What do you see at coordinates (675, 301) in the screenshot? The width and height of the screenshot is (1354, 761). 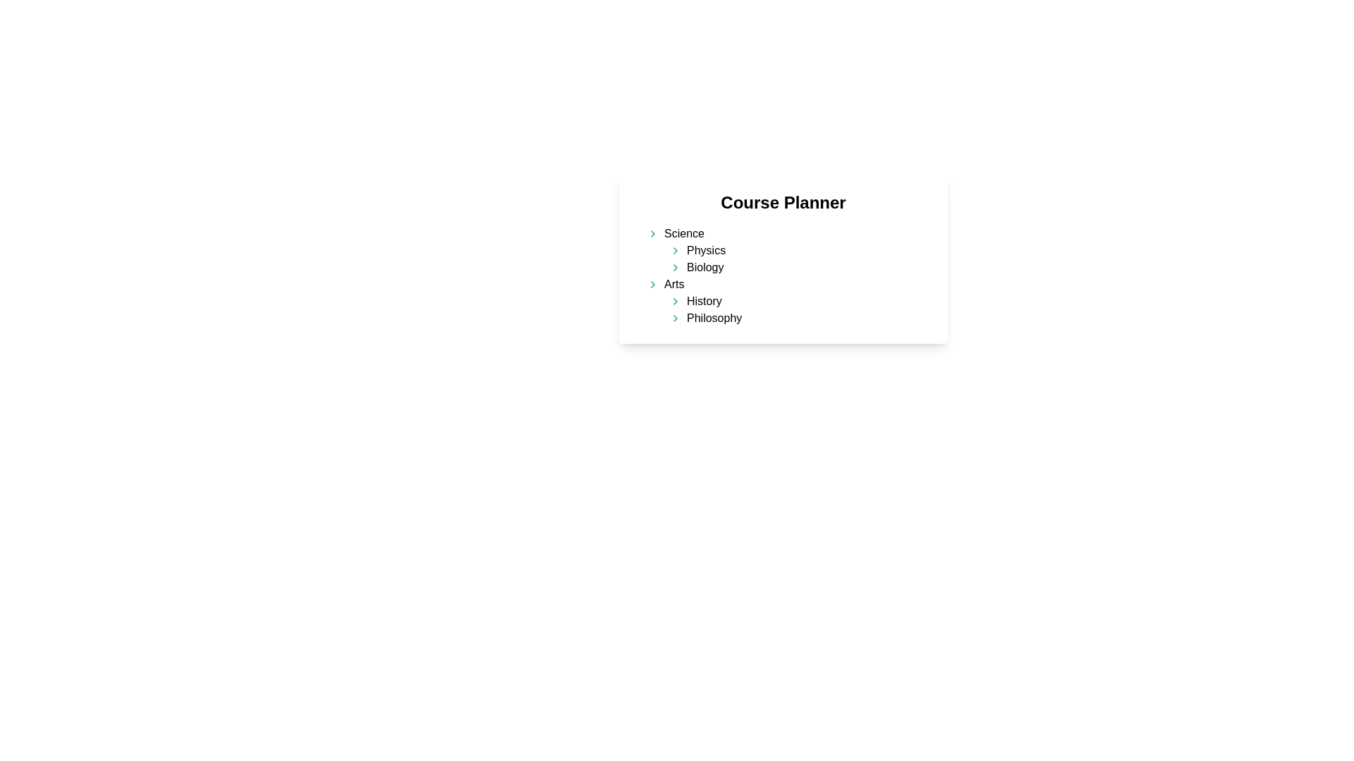 I see `the chevron icon` at bounding box center [675, 301].